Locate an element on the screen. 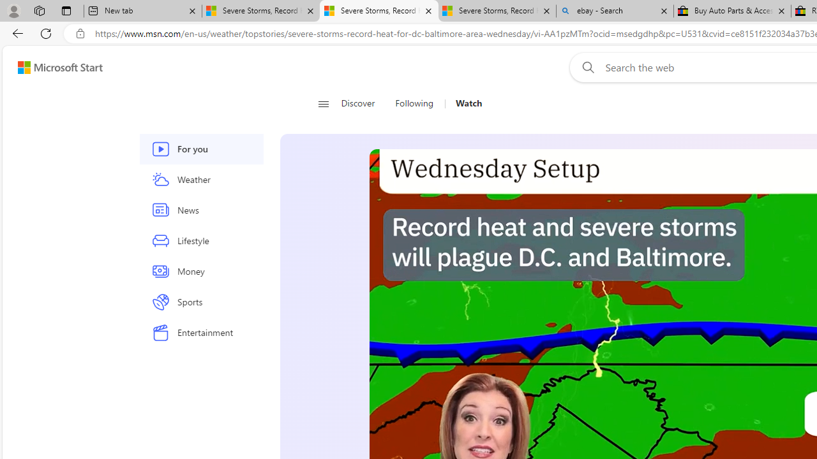  'Class: button-glyph' is located at coordinates (323, 103).